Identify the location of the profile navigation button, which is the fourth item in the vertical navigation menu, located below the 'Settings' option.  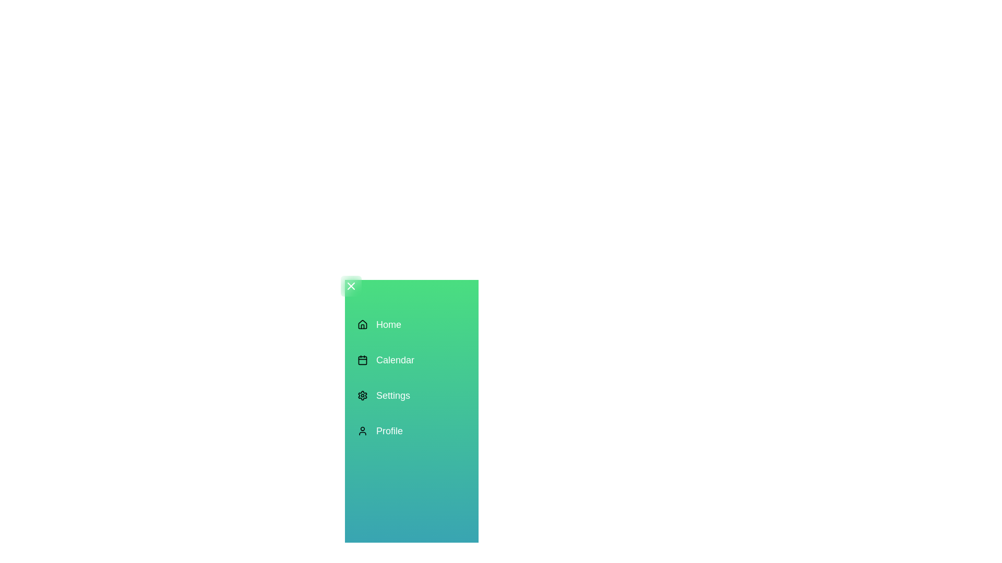
(385, 431).